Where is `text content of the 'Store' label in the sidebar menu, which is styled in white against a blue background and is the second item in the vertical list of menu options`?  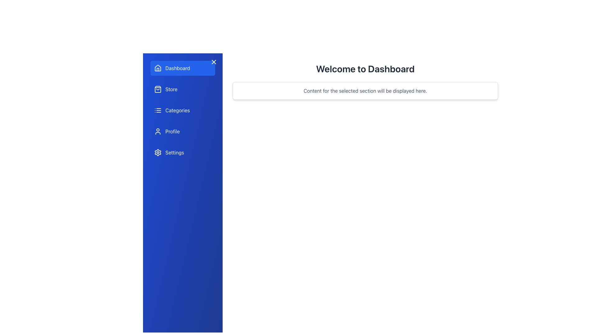
text content of the 'Store' label in the sidebar menu, which is styled in white against a blue background and is the second item in the vertical list of menu options is located at coordinates (171, 89).